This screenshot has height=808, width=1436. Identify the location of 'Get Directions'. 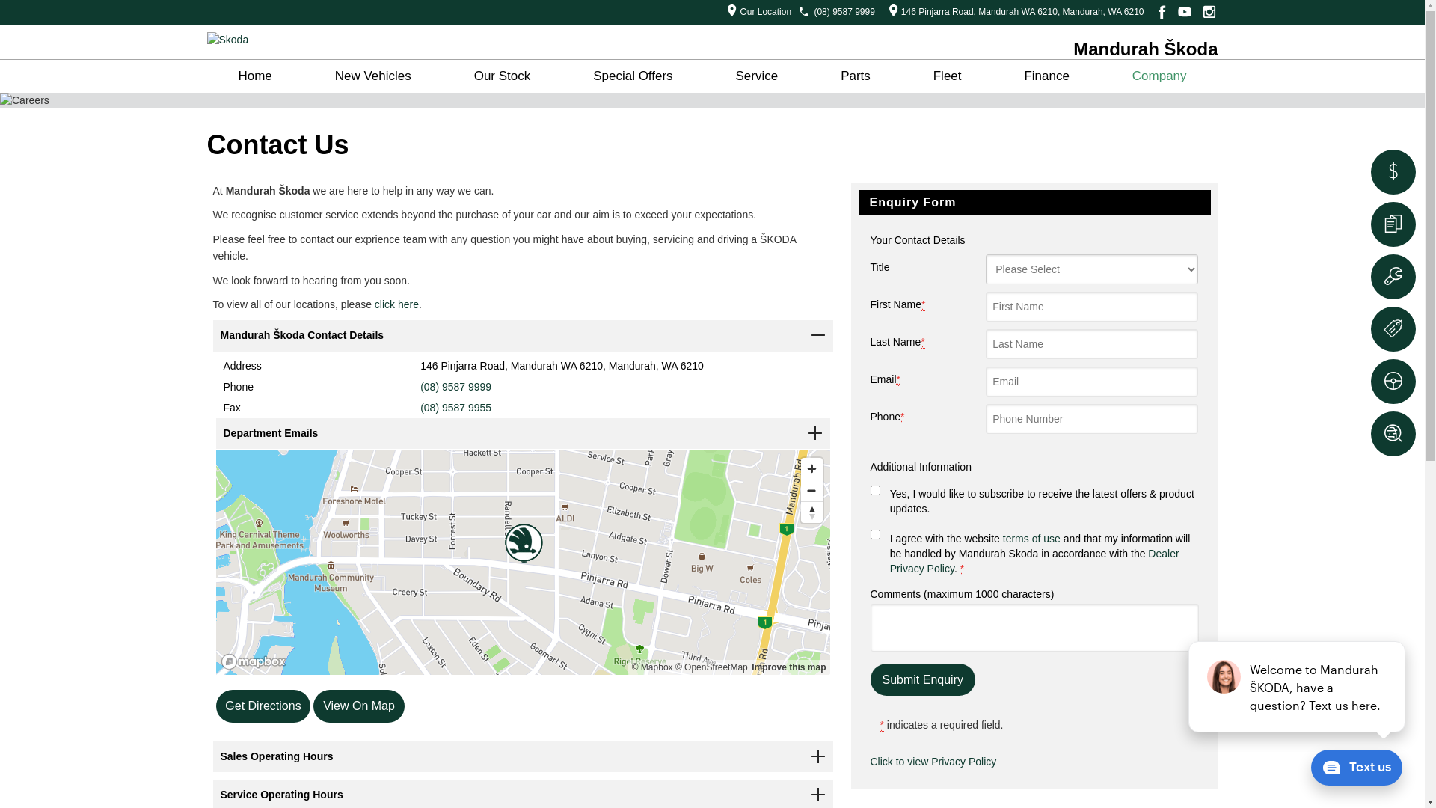
(263, 706).